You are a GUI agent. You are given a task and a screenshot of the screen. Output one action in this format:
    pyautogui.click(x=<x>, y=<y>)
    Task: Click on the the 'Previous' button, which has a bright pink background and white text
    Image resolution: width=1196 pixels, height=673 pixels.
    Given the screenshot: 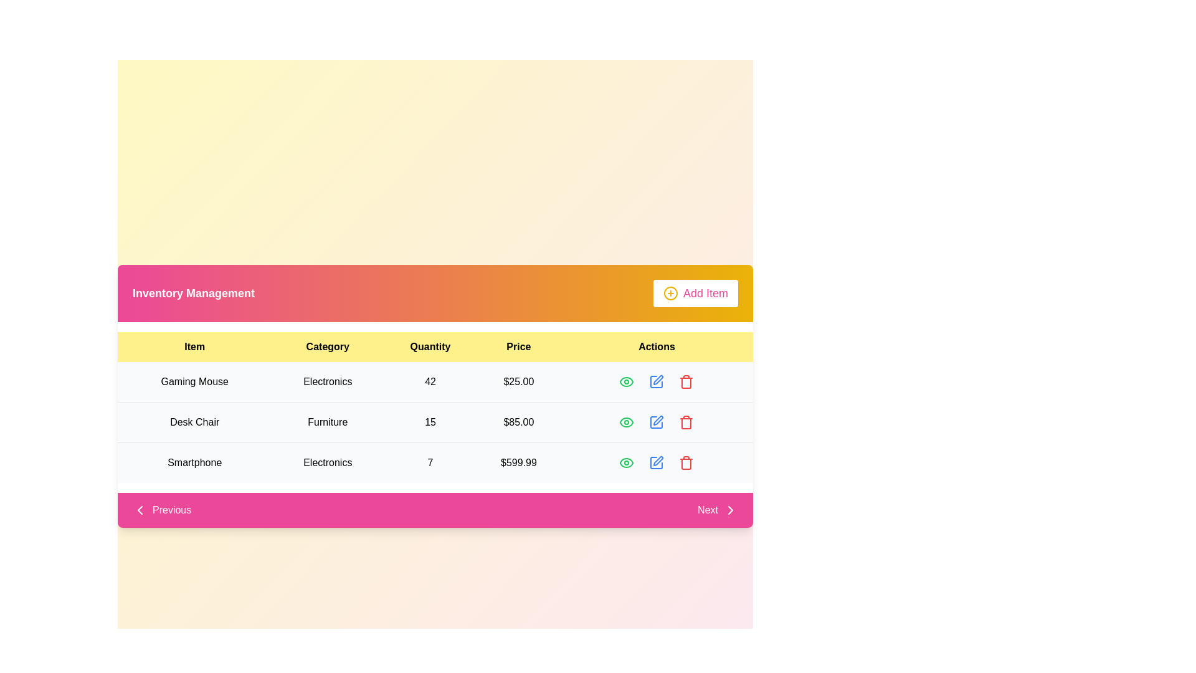 What is the action you would take?
    pyautogui.click(x=161, y=510)
    